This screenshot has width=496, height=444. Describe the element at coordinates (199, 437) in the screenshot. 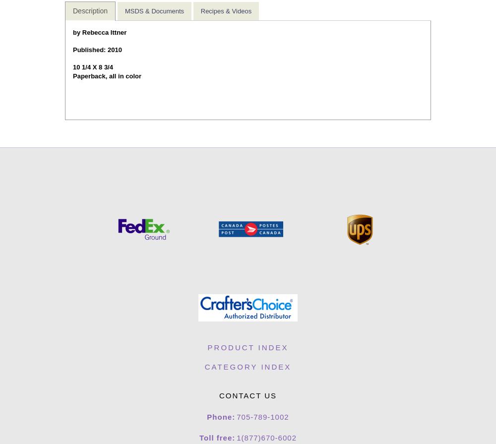

I see `'Toll free:'` at that location.